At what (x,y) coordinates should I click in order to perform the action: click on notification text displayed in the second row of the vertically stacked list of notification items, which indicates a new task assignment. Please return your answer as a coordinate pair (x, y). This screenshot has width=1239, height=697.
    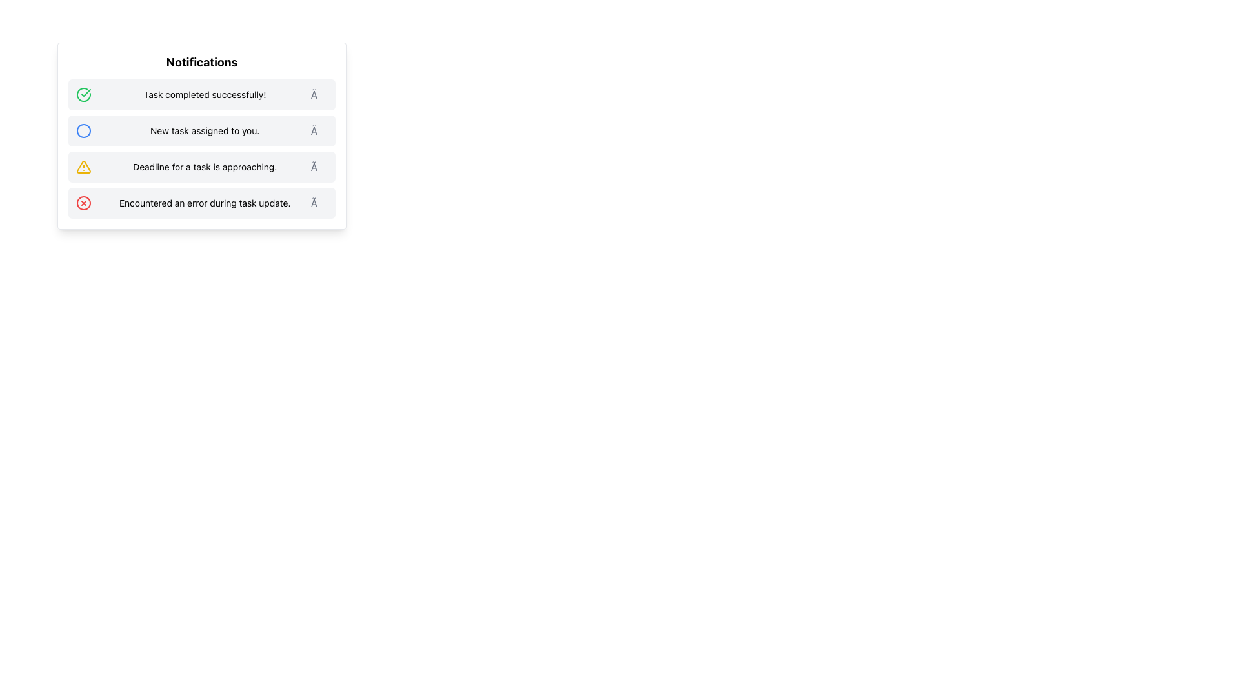
    Looking at the image, I should click on (204, 131).